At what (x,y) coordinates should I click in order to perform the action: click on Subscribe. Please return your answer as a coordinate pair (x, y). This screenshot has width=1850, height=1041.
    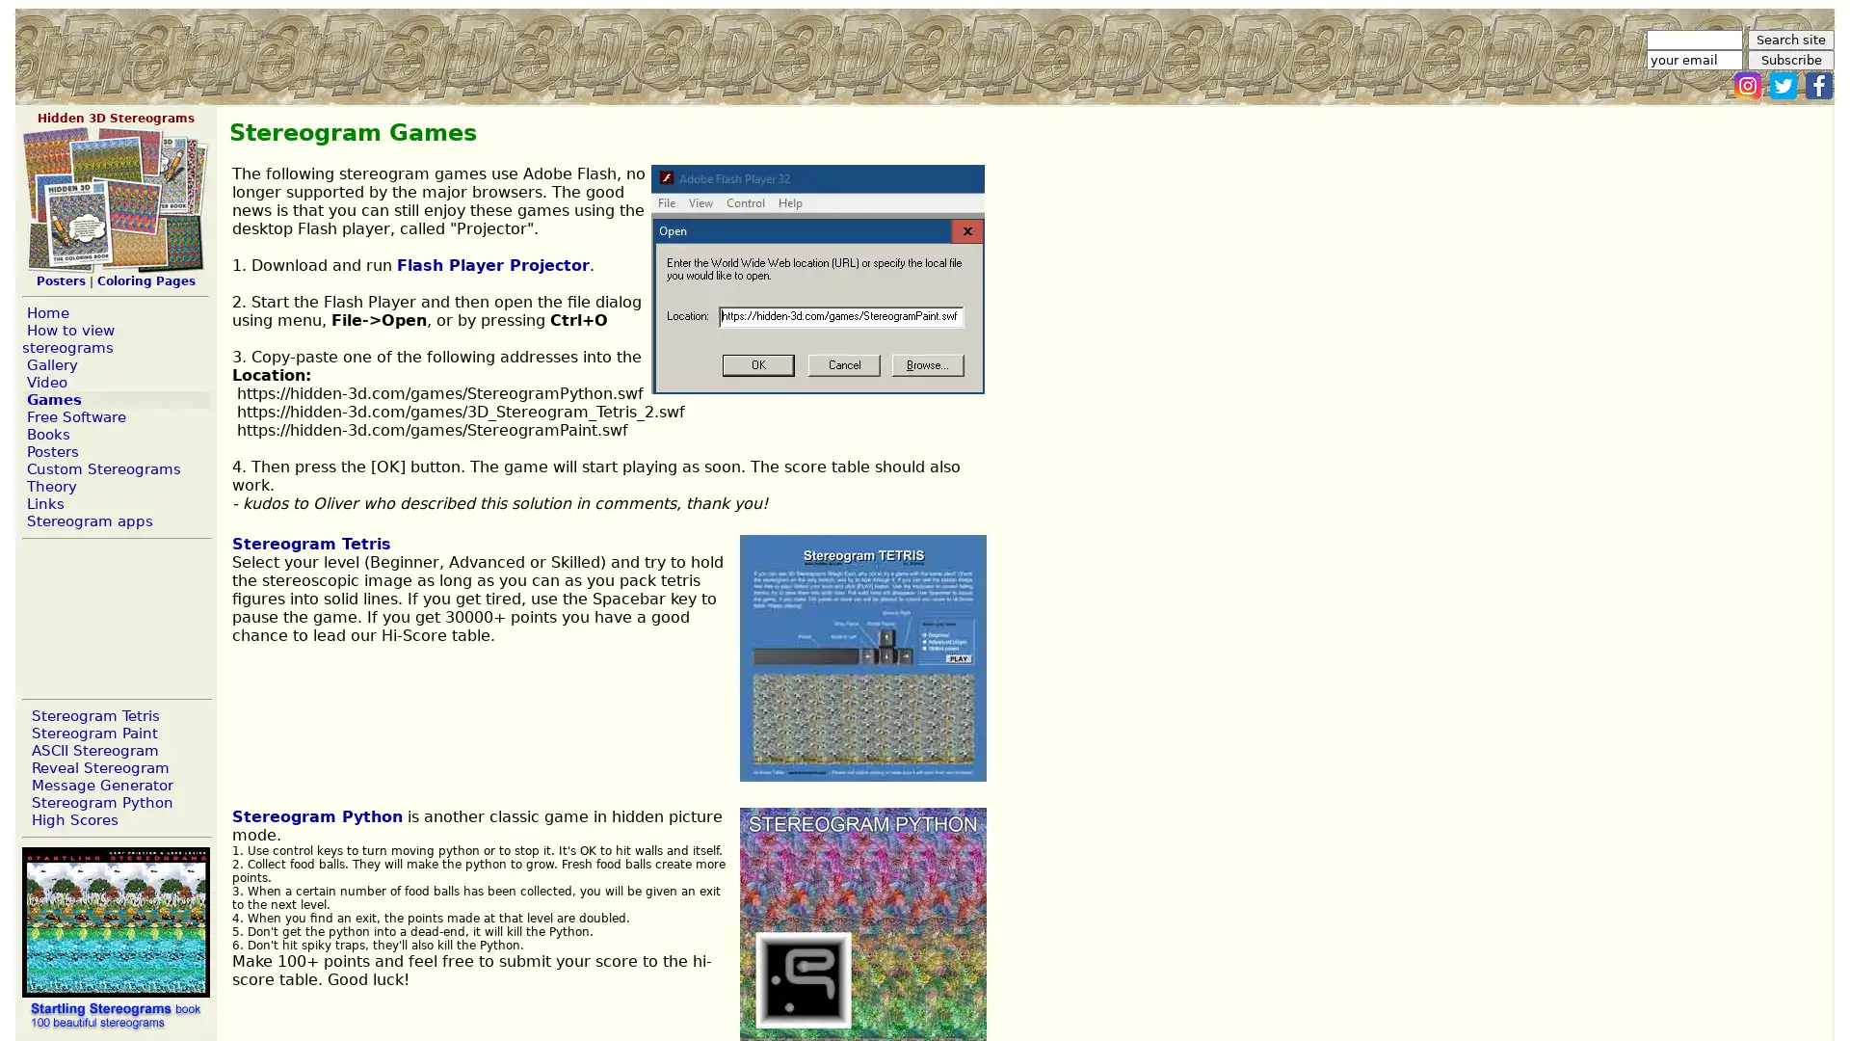
    Looking at the image, I should click on (1789, 59).